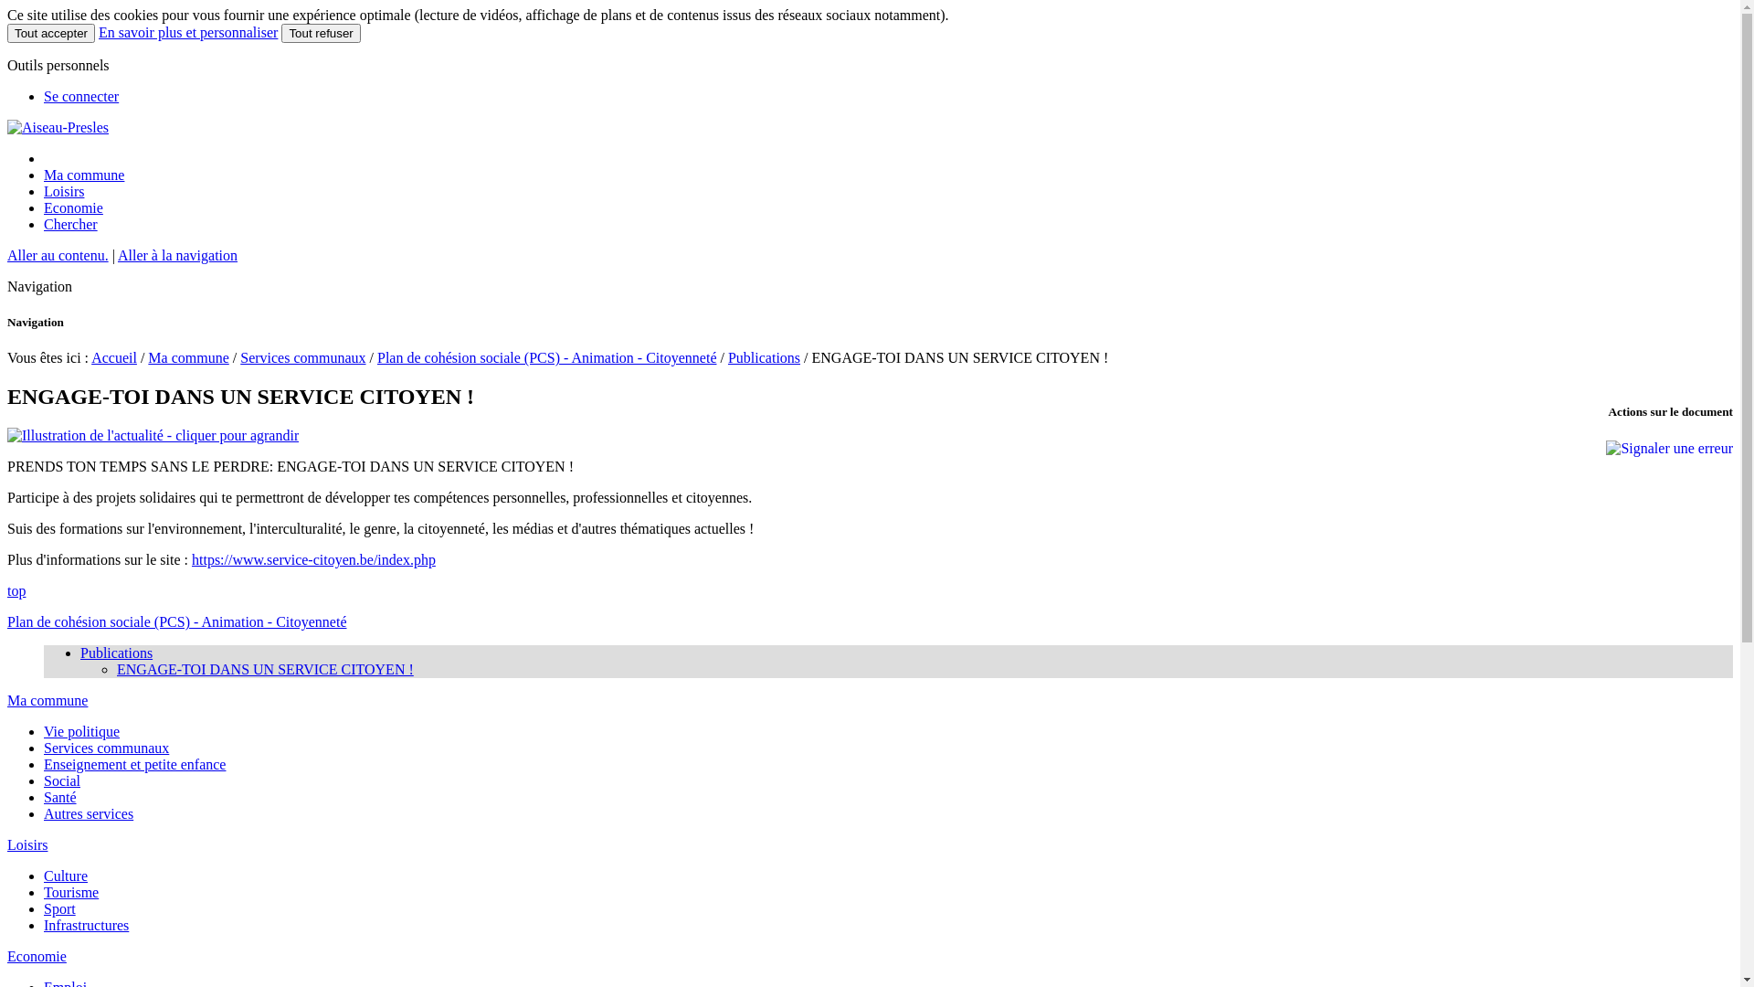 The width and height of the screenshot is (1754, 987). I want to click on 'Publications', so click(764, 357).